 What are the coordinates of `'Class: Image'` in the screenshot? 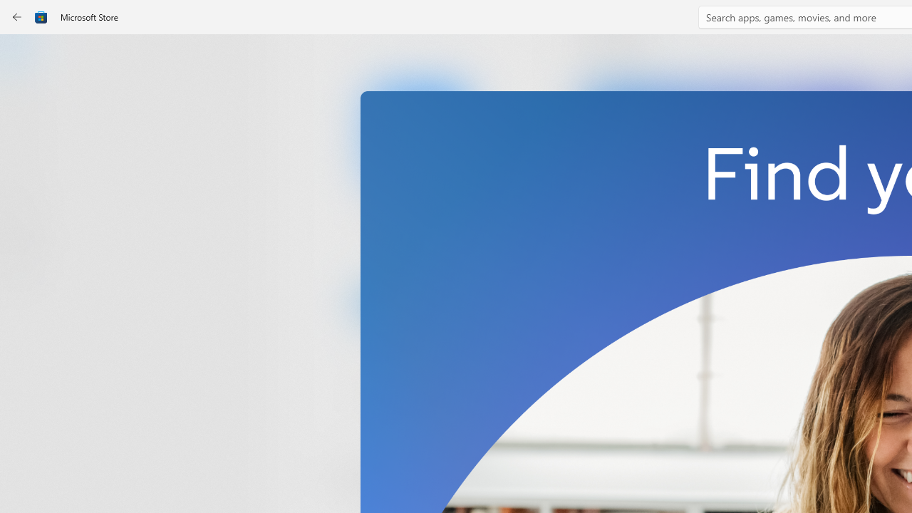 It's located at (41, 17).